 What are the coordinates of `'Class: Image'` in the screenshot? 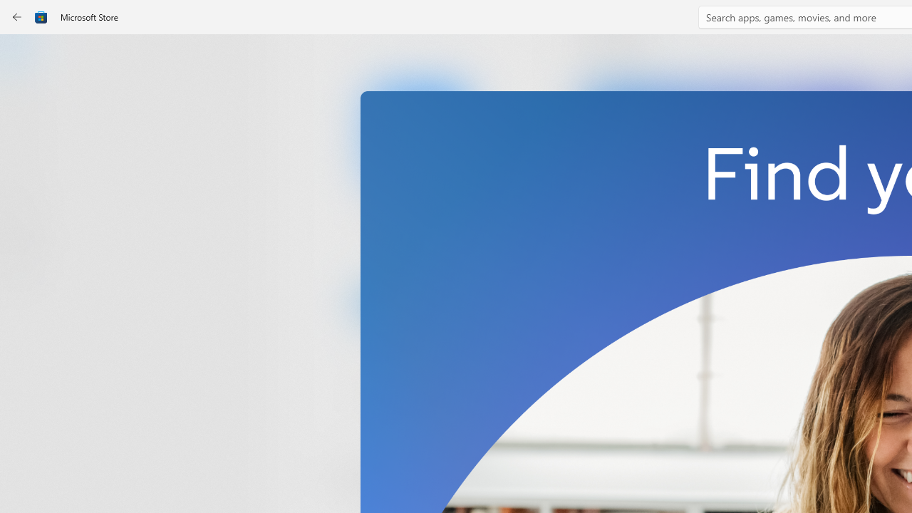 It's located at (41, 17).